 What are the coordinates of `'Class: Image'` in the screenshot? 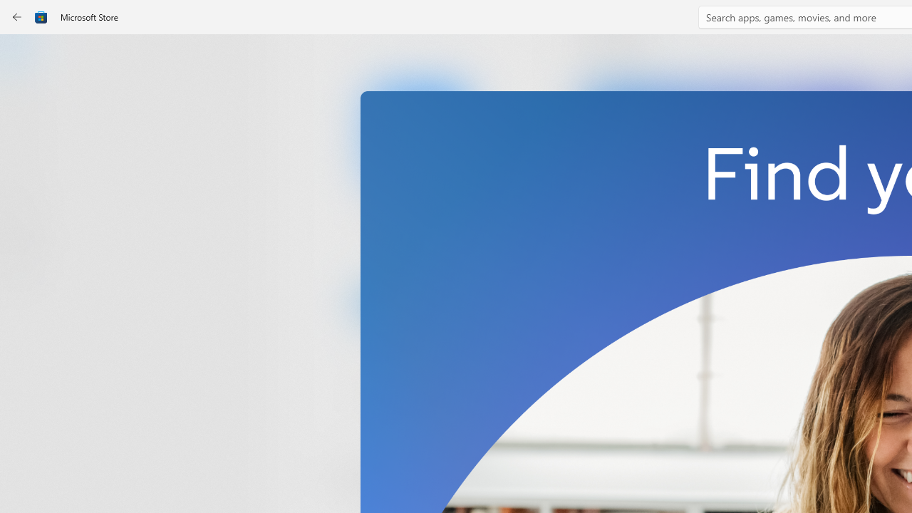 It's located at (41, 17).